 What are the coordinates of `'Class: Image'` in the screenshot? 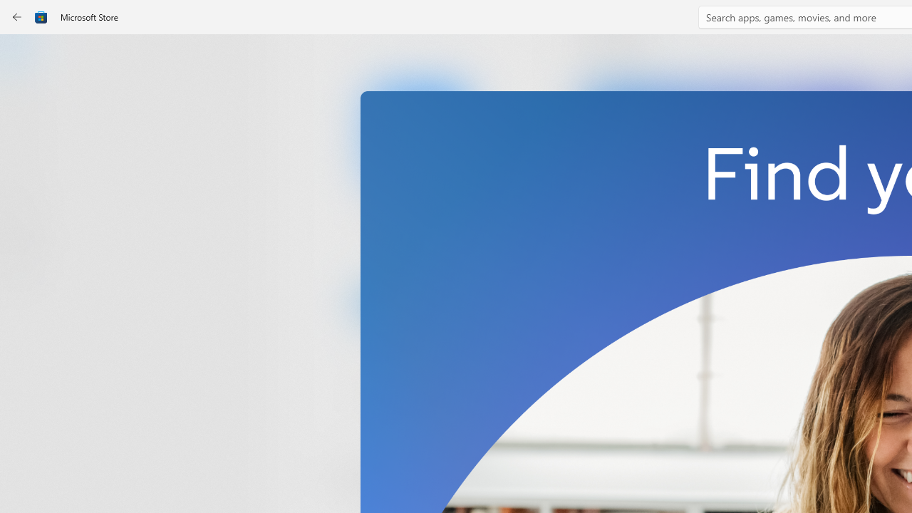 It's located at (41, 17).